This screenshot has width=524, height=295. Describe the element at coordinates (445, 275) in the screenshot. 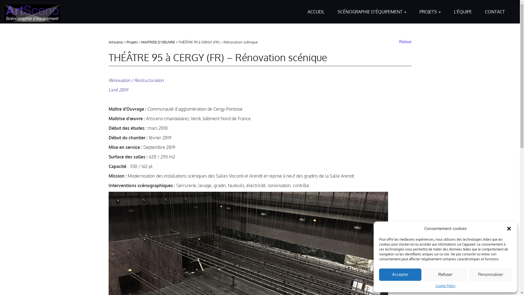

I see `'Refuser'` at that location.